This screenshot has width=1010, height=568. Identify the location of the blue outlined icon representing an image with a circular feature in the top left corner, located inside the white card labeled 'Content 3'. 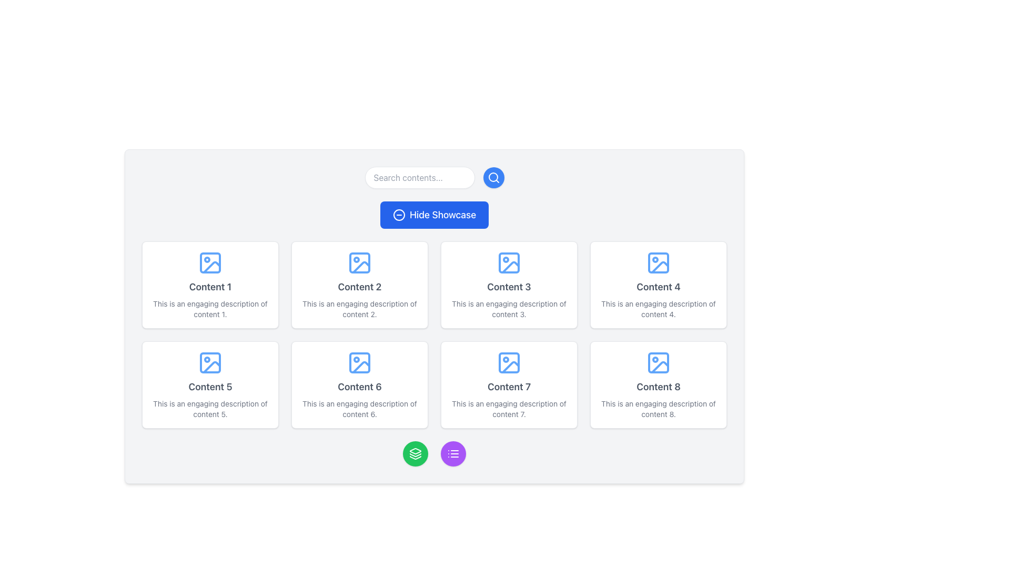
(509, 262).